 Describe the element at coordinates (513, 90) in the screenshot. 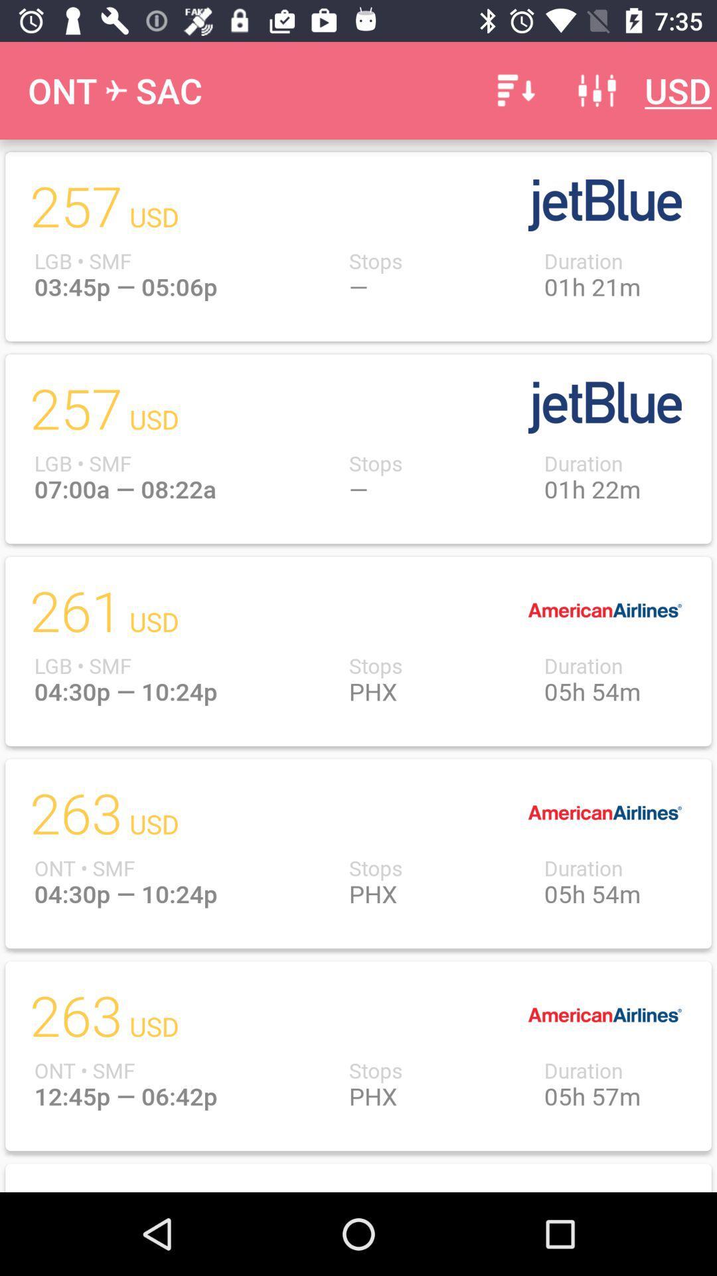

I see `item next to the sac` at that location.